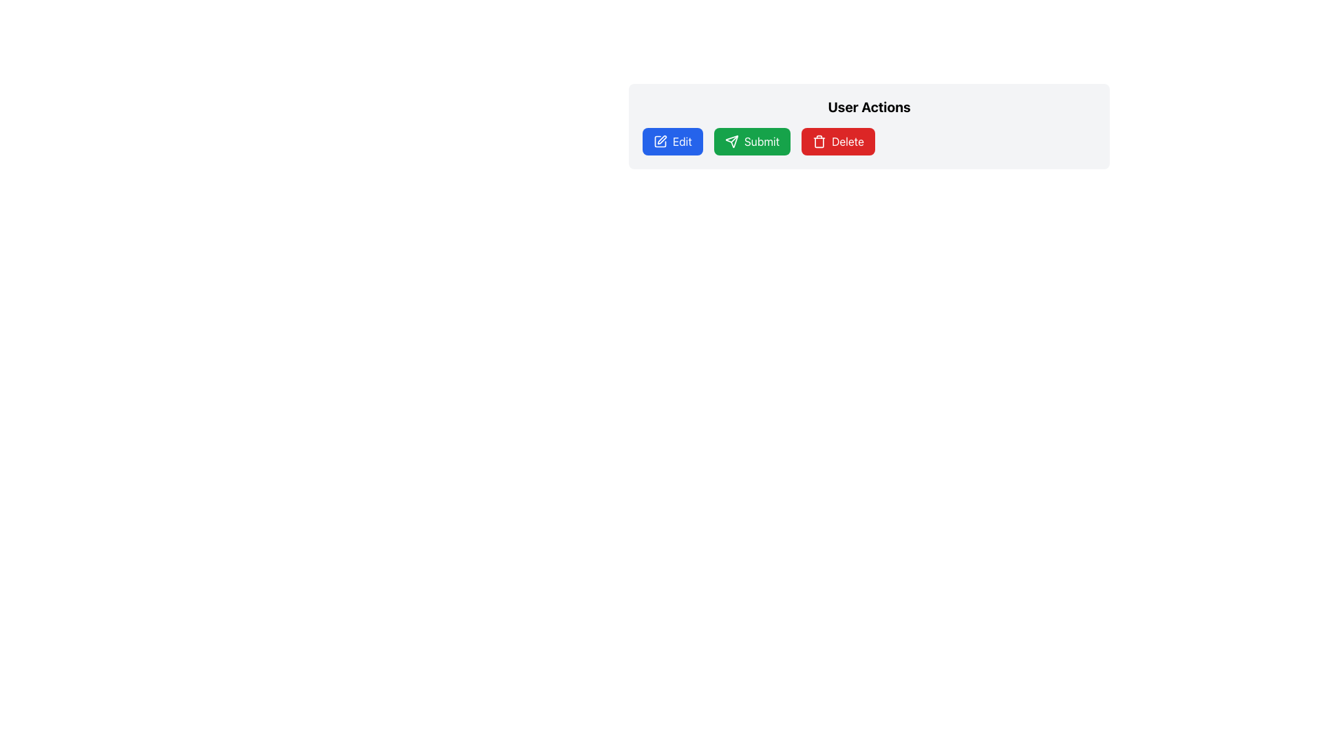 The width and height of the screenshot is (1321, 743). I want to click on the text label located centrally within the blue button on the leftmost side of a row of three buttons, situated below the label 'User Actions.', so click(682, 141).